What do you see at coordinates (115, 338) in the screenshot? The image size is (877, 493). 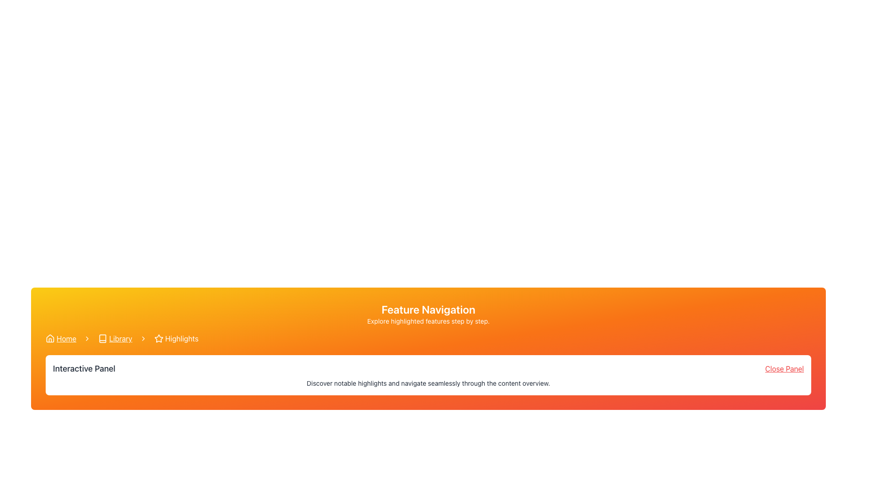 I see `the 'Library' breadcrumb item, which features an outlined book icon and is visually centered in the breadcrumb navigation bar, located between 'Home' and 'Highlights'` at bounding box center [115, 338].